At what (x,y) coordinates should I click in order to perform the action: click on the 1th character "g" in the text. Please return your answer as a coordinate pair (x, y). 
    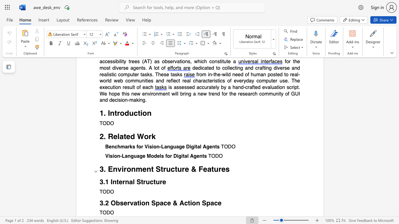
    Looking at the image, I should click on (132, 156).